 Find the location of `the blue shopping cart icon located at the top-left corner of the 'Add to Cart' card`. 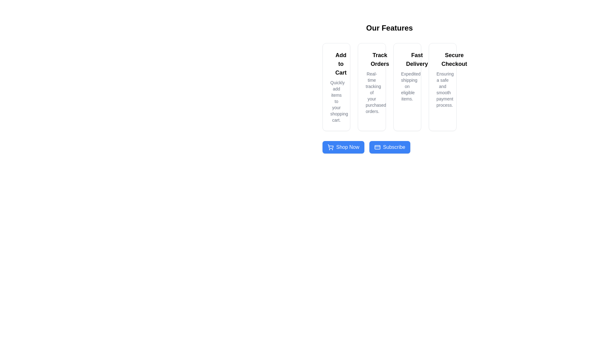

the blue shopping cart icon located at the top-left corner of the 'Add to Cart' card is located at coordinates (334, 61).